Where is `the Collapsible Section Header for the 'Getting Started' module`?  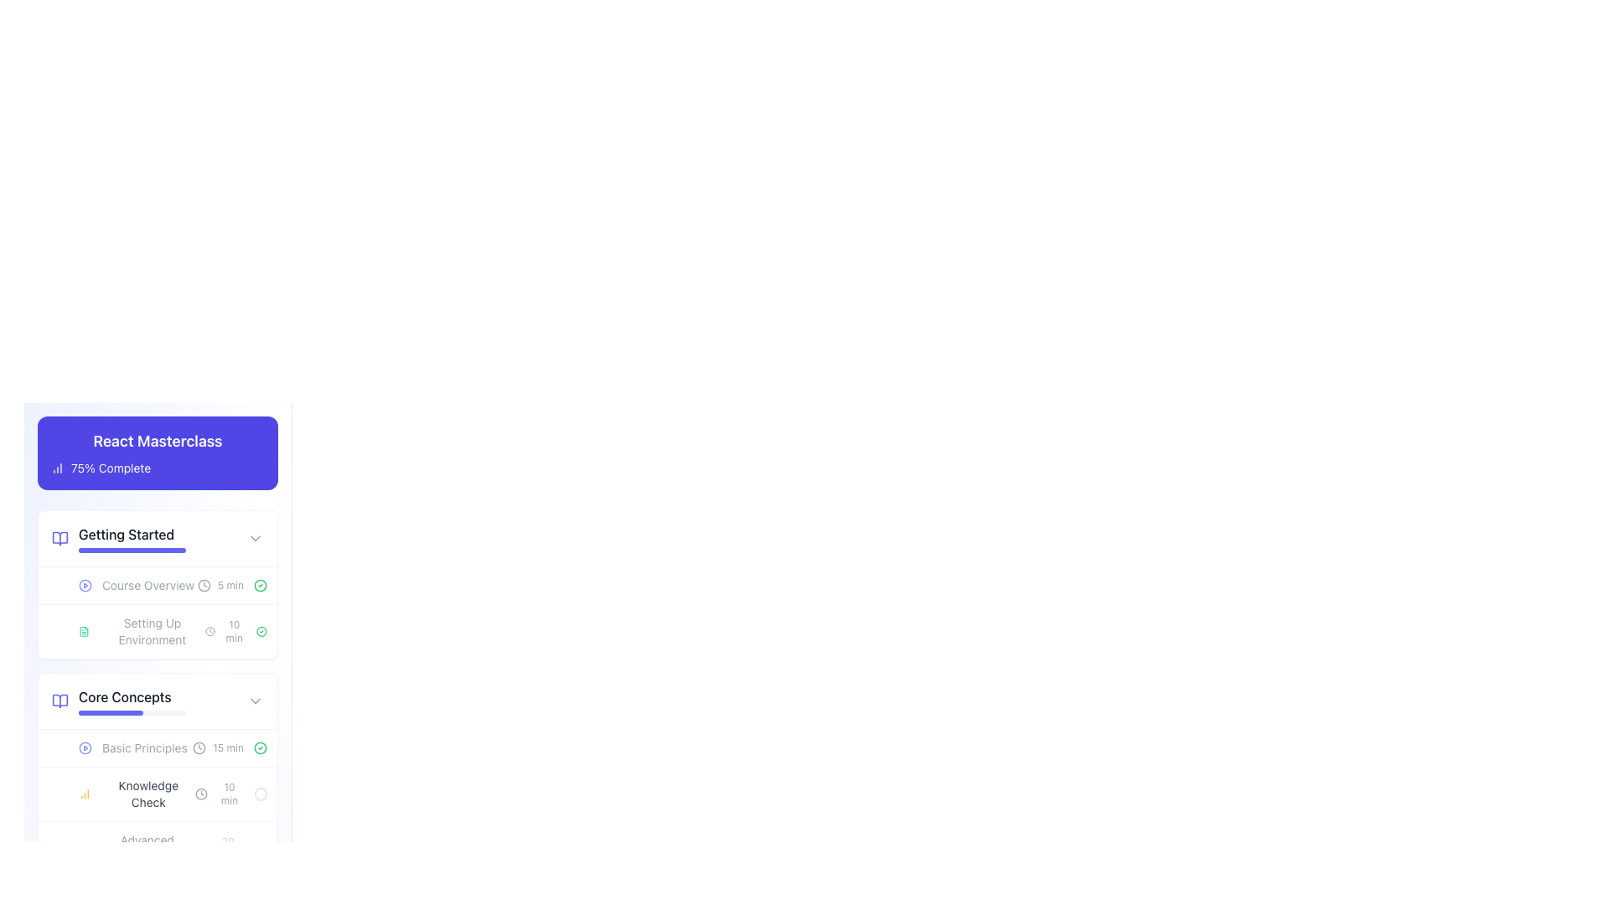
the Collapsible Section Header for the 'Getting Started' module is located at coordinates (158, 539).